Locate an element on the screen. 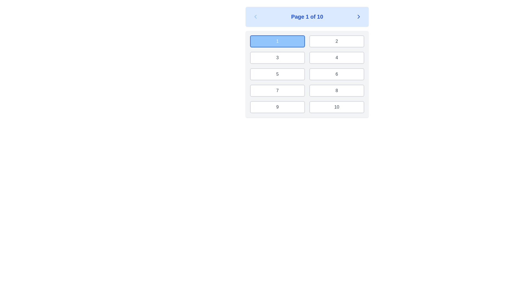 The width and height of the screenshot is (527, 296). the button representing the number '3' in the second row and first column of the grid is located at coordinates (277, 58).